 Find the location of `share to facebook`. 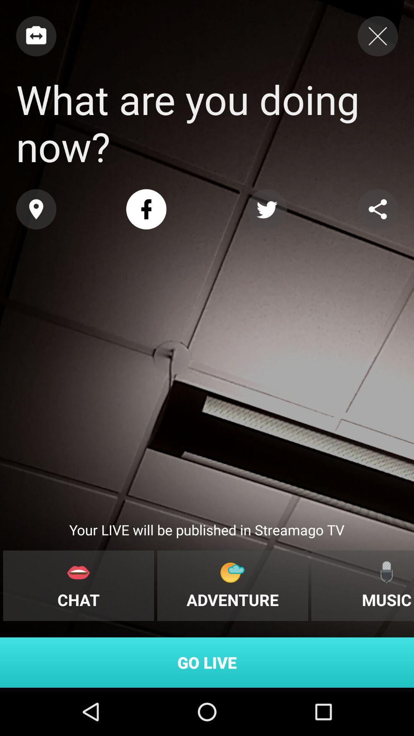

share to facebook is located at coordinates (146, 209).